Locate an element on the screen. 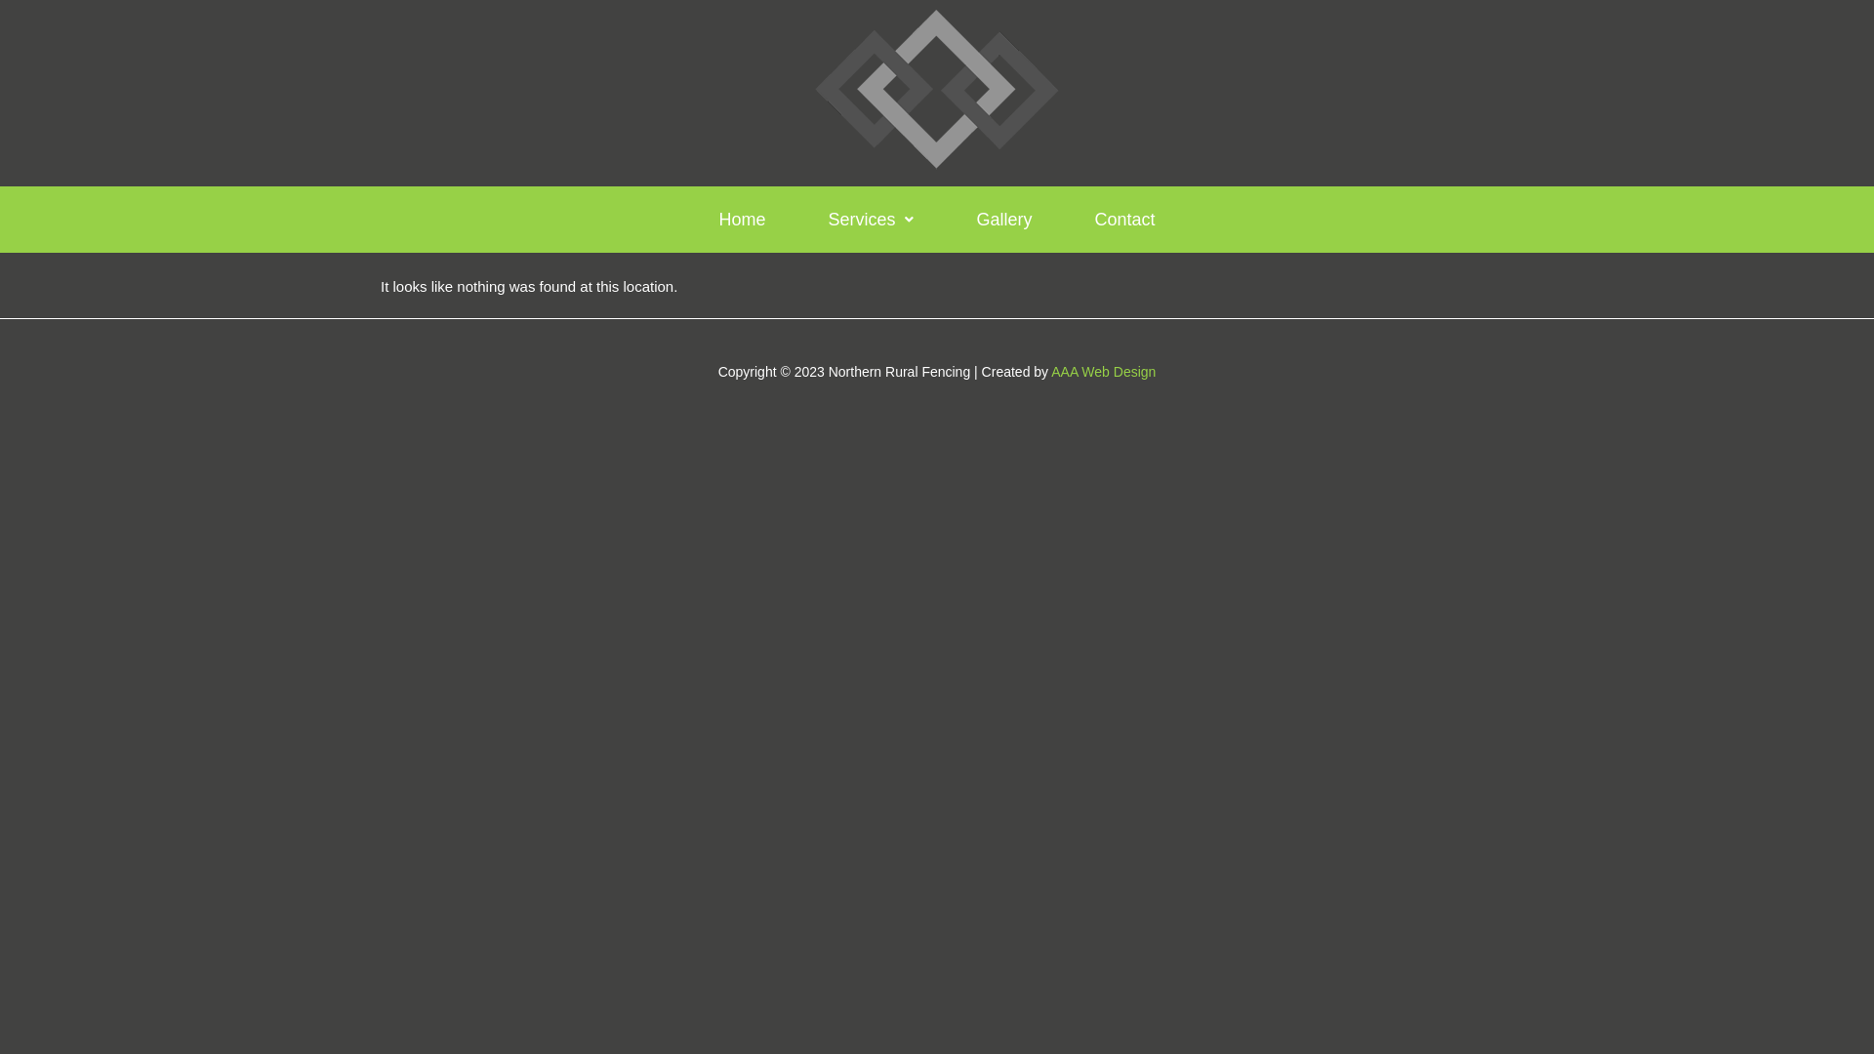  'Services' is located at coordinates (870, 218).